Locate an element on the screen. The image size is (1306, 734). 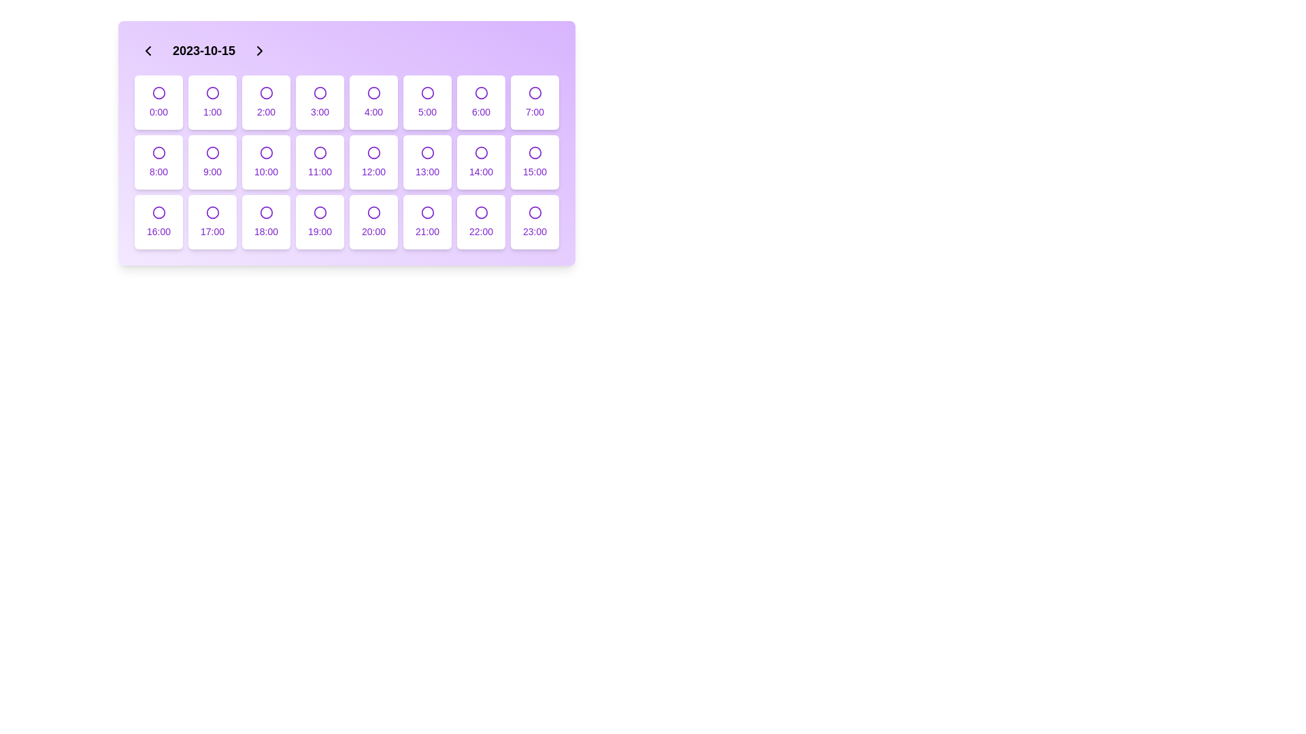
the SVG Circle within the button labeled '16:00' is located at coordinates (158, 212).